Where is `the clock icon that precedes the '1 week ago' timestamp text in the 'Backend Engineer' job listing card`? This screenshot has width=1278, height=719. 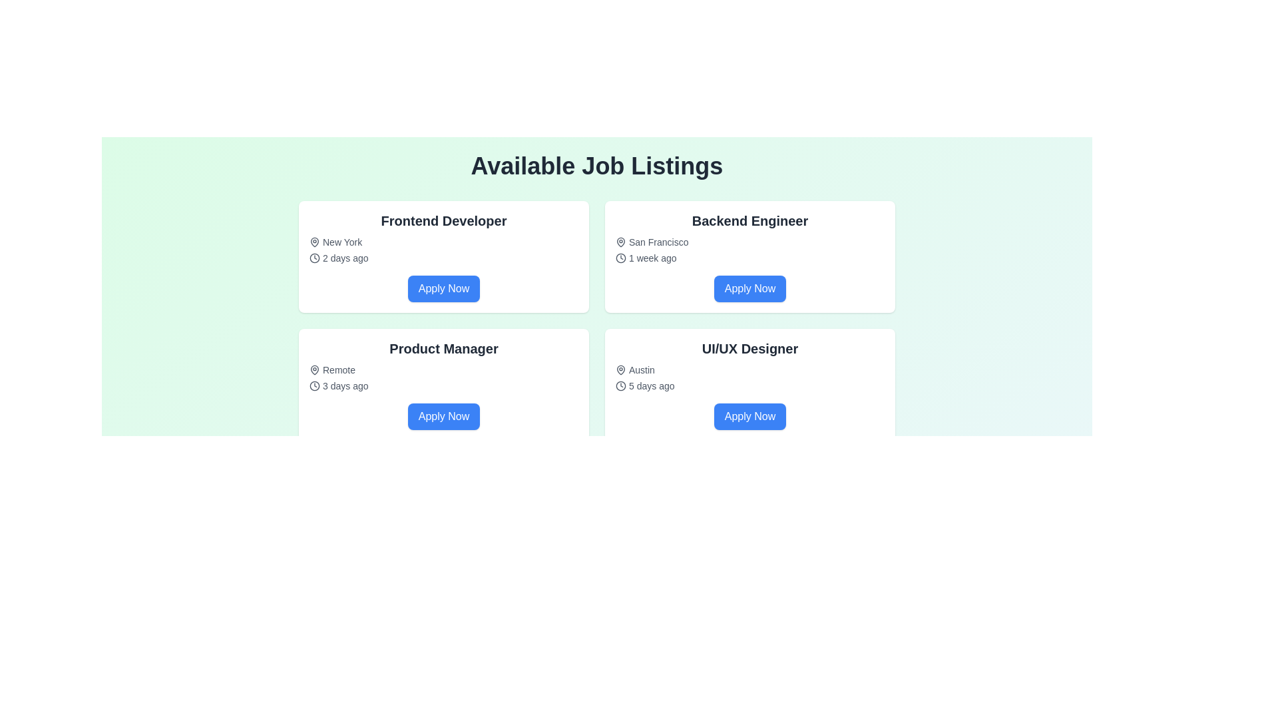 the clock icon that precedes the '1 week ago' timestamp text in the 'Backend Engineer' job listing card is located at coordinates (620, 258).